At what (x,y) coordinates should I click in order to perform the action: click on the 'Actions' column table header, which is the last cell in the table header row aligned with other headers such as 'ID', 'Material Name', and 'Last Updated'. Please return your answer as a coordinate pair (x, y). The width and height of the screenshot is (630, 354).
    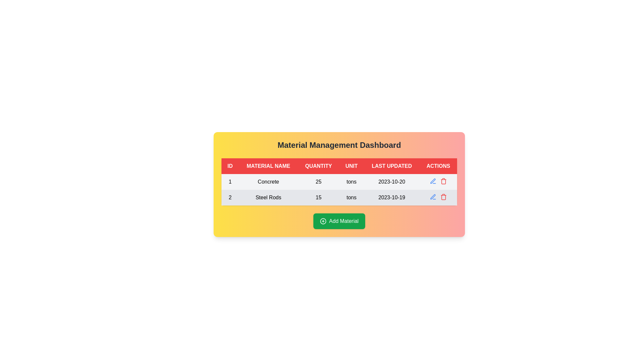
    Looking at the image, I should click on (438, 166).